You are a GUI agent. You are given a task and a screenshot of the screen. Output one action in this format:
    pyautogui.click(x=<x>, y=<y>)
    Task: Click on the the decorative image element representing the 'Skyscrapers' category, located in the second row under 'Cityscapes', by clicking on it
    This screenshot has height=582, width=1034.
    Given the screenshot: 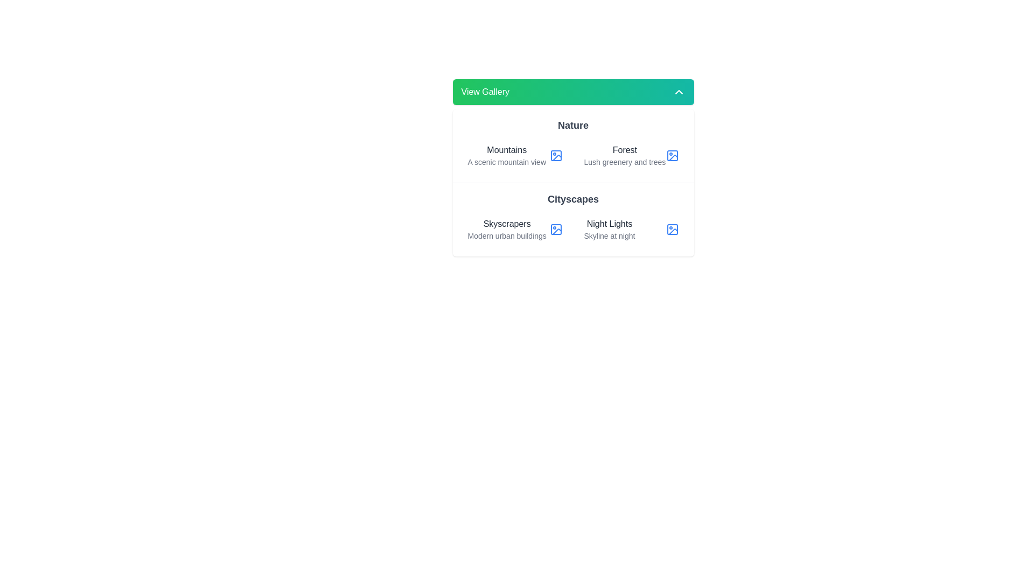 What is the action you would take?
    pyautogui.click(x=556, y=228)
    